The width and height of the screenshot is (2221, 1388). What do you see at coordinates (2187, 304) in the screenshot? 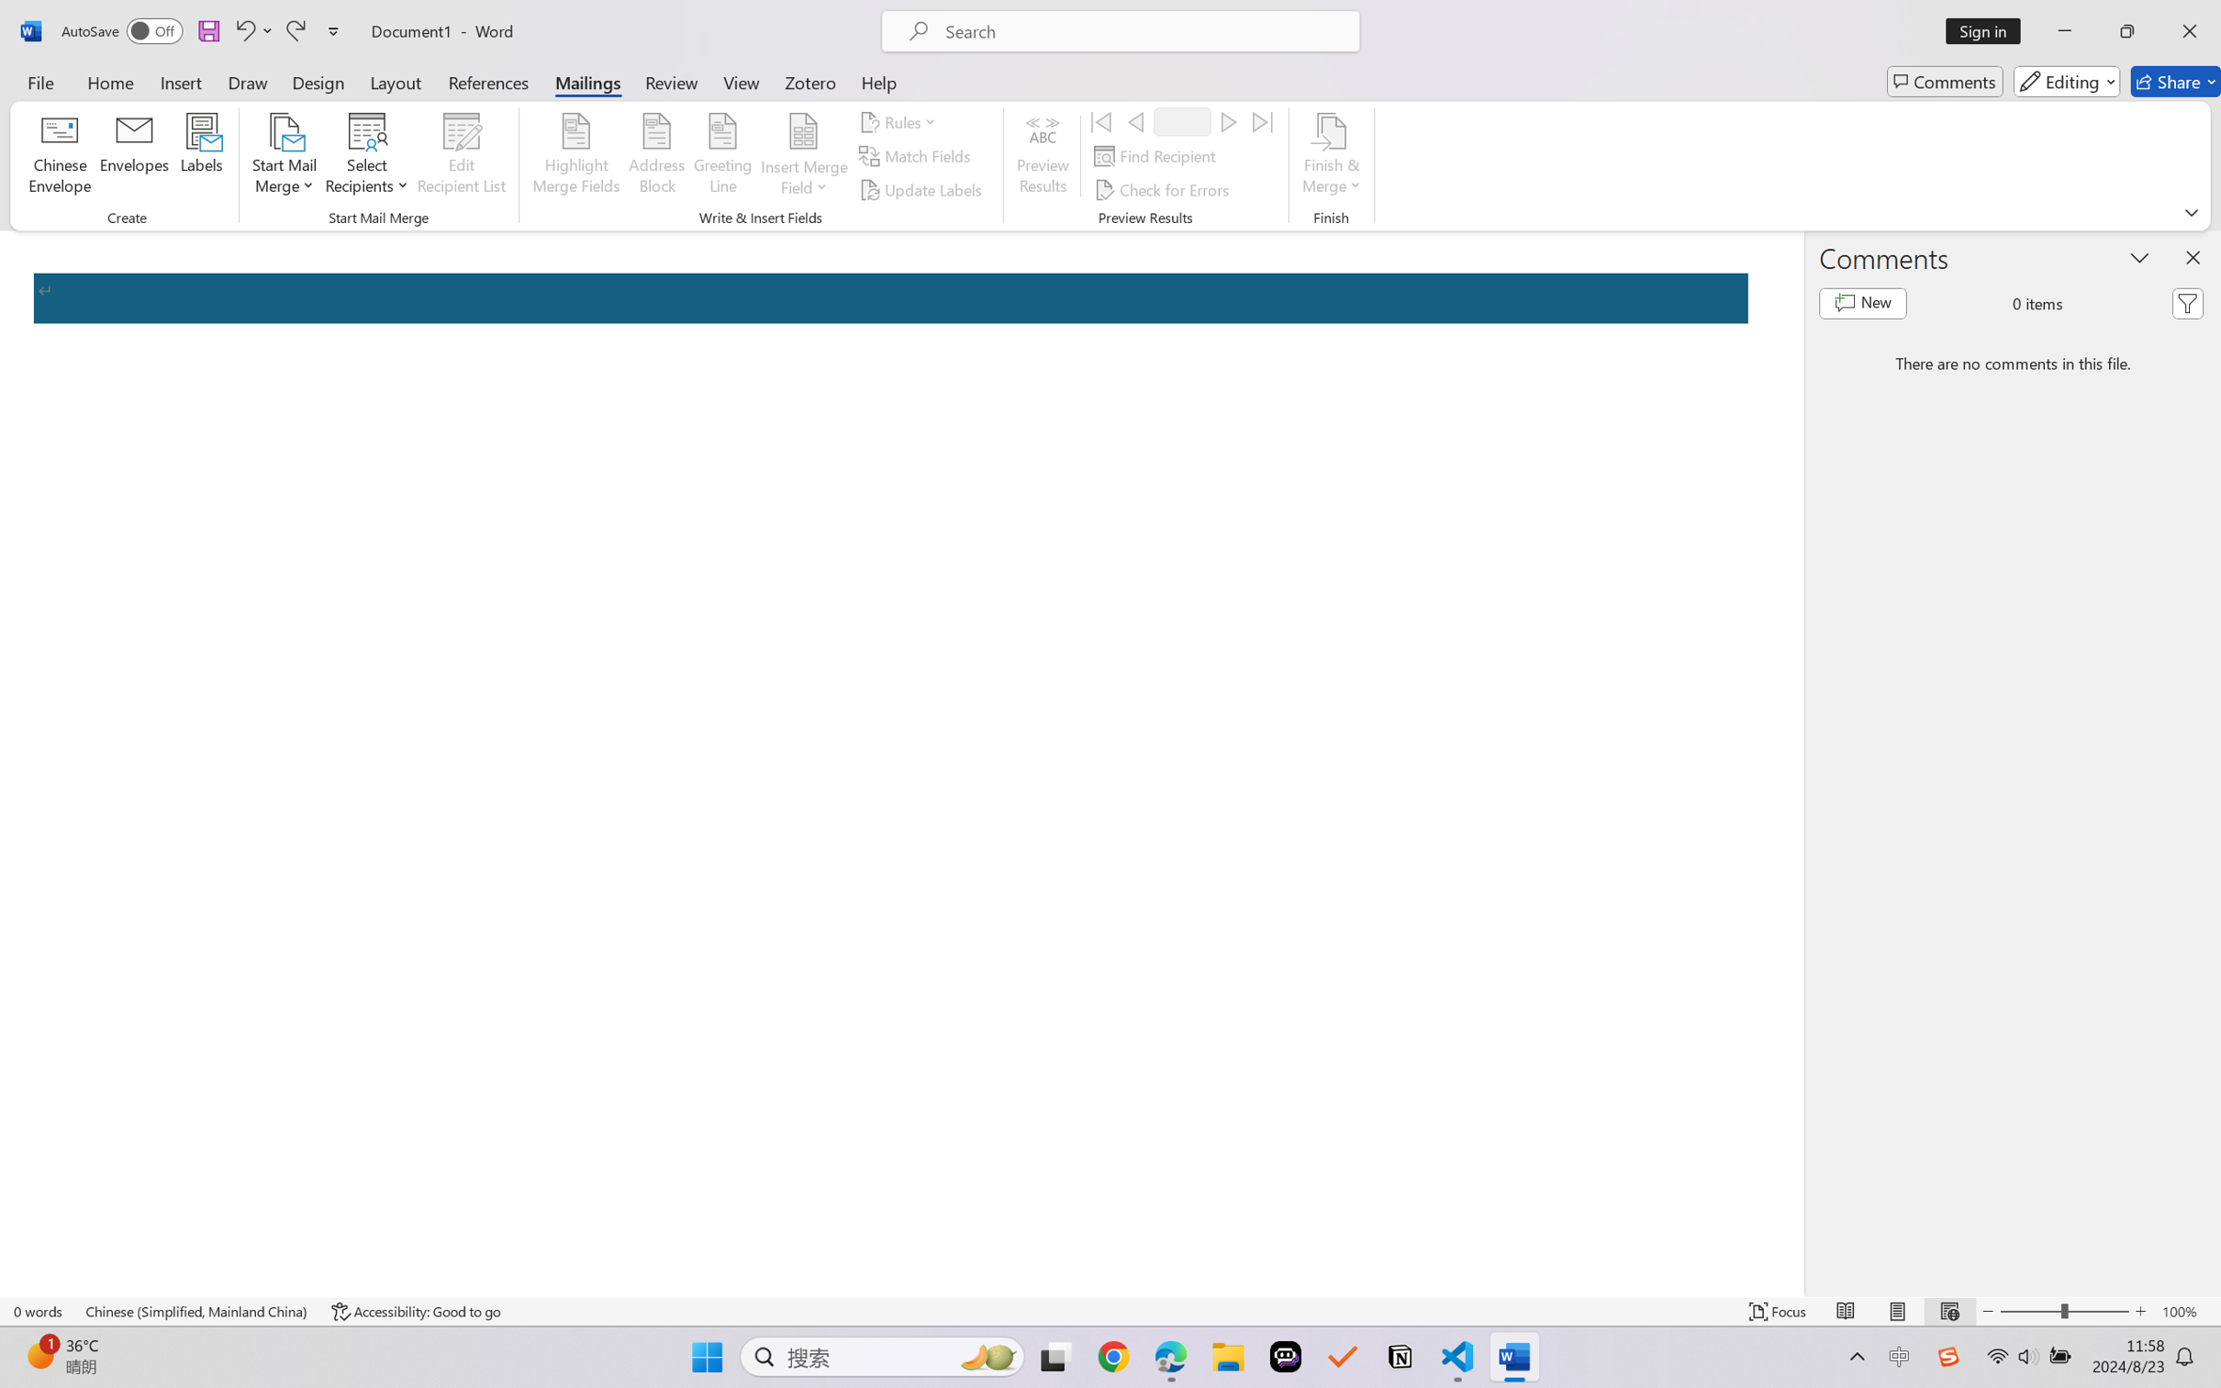
I see `'Filter'` at bounding box center [2187, 304].